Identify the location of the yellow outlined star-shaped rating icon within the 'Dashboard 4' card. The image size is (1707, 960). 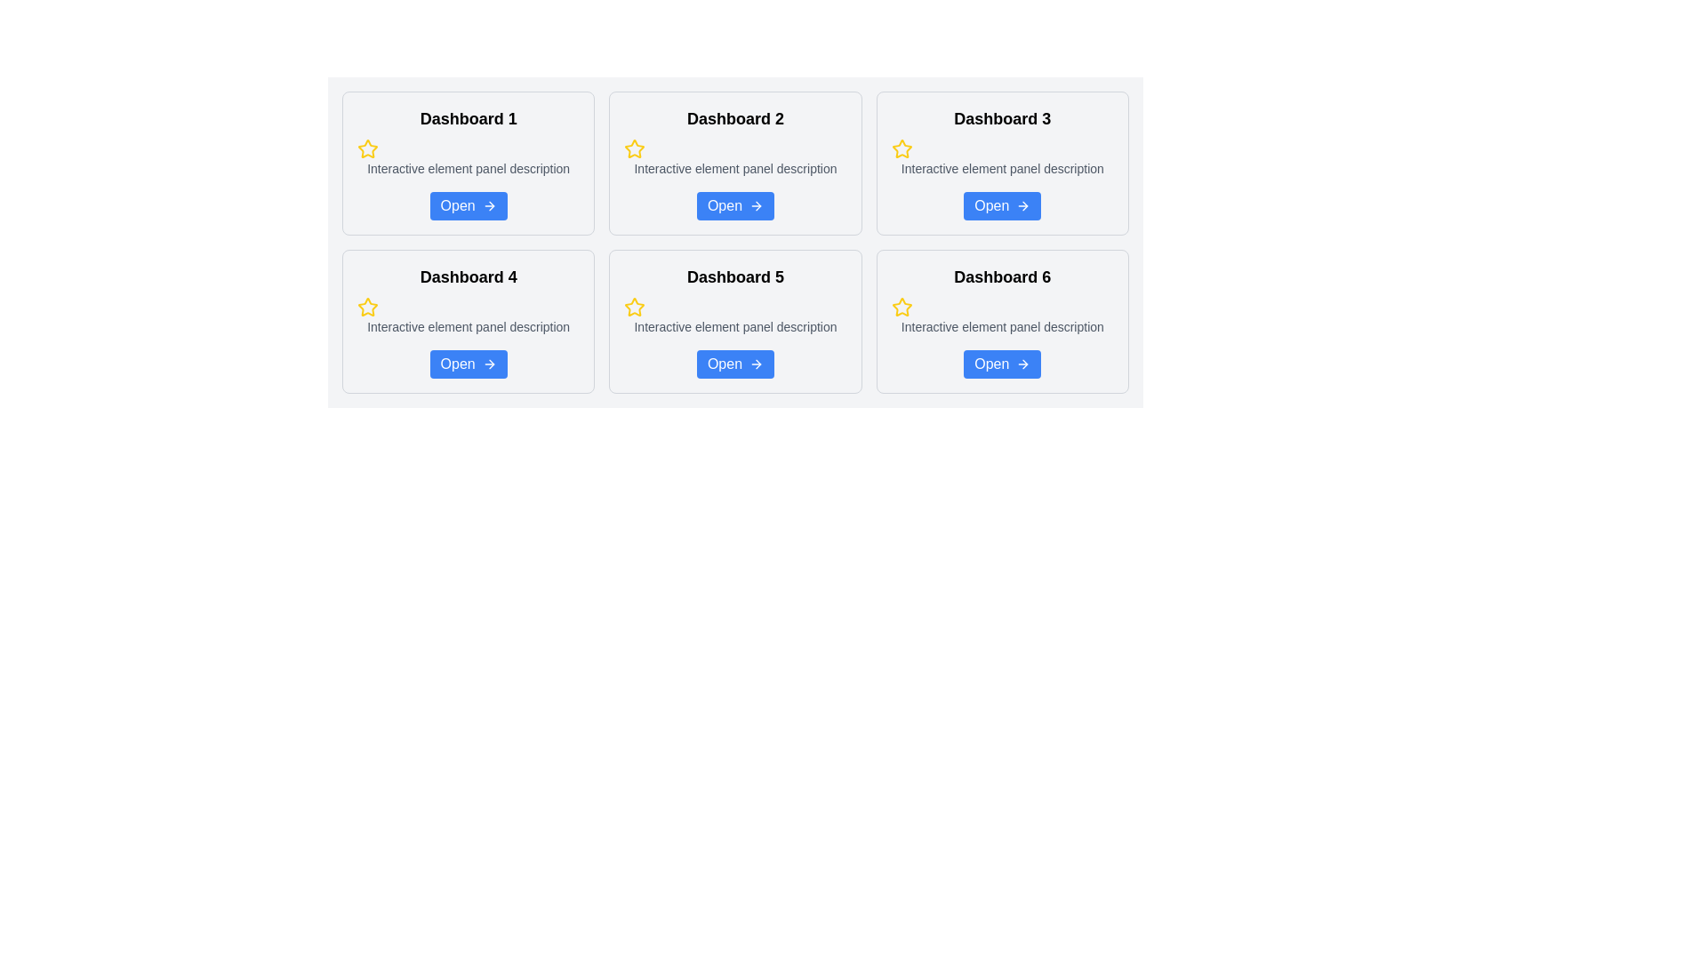
(366, 307).